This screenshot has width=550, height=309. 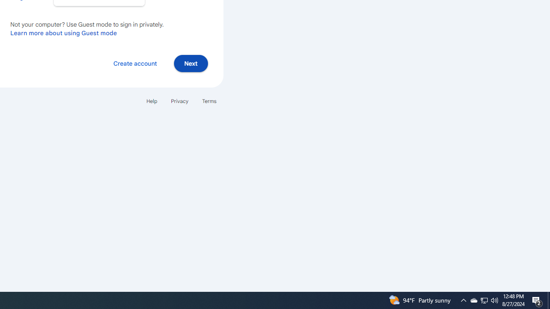 What do you see at coordinates (179, 100) in the screenshot?
I see `'Privacy'` at bounding box center [179, 100].